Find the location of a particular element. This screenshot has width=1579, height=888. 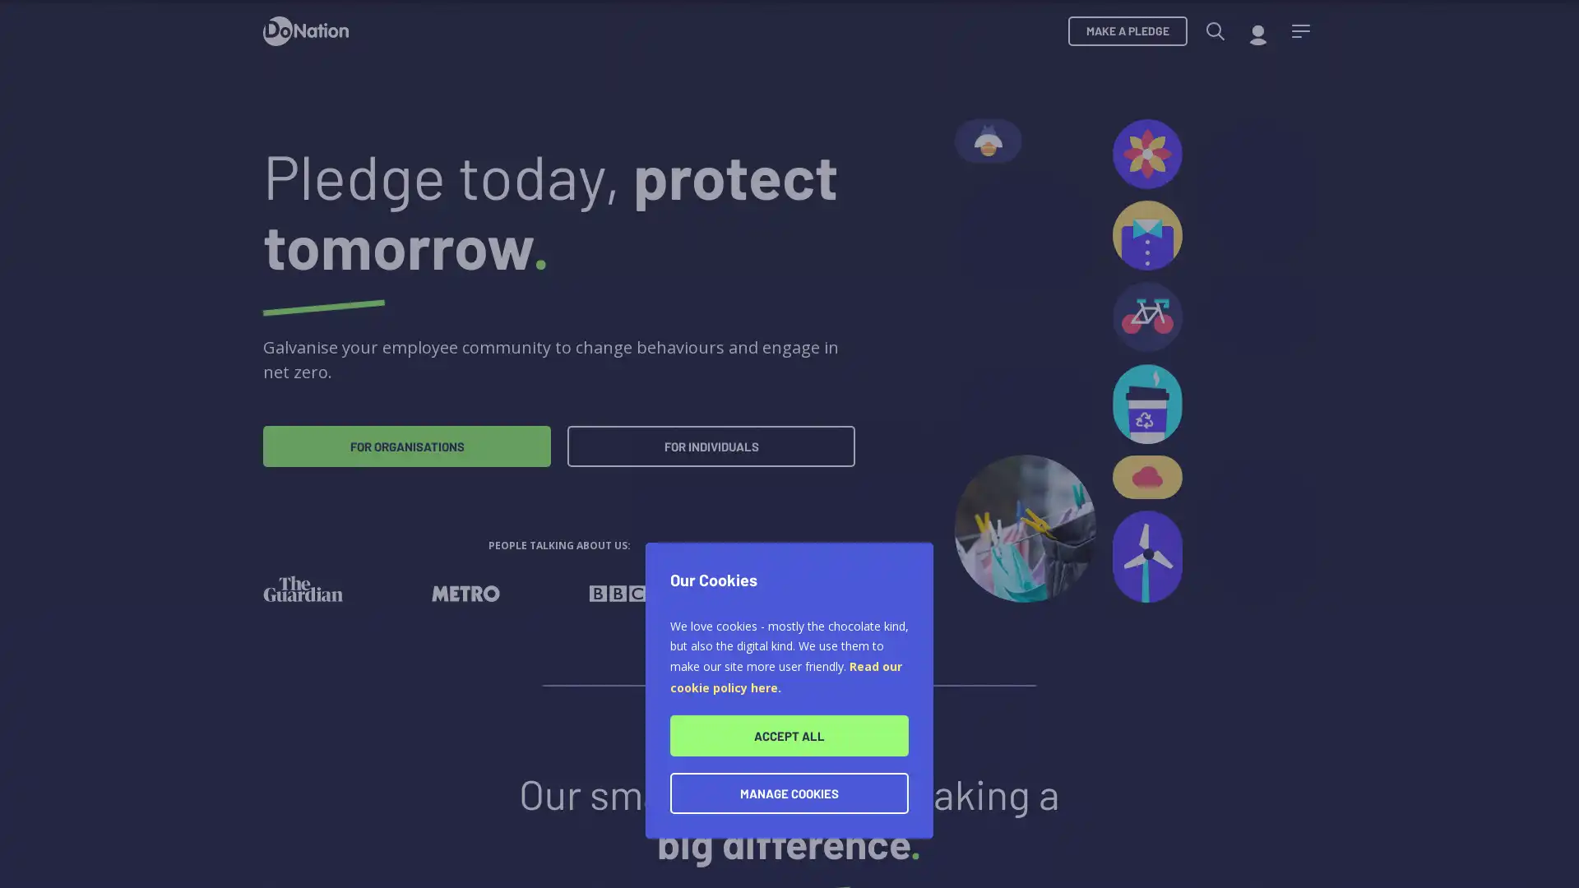

Menu is located at coordinates (1300, 31).